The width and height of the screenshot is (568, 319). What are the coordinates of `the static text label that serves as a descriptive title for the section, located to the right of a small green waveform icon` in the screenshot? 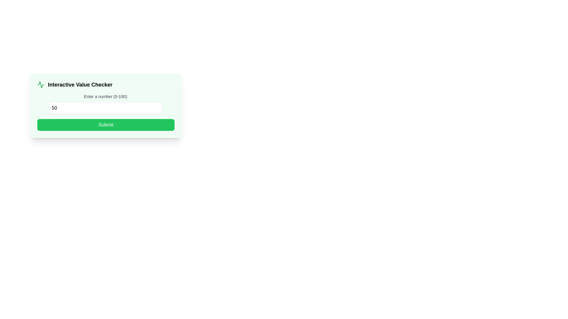 It's located at (80, 84).